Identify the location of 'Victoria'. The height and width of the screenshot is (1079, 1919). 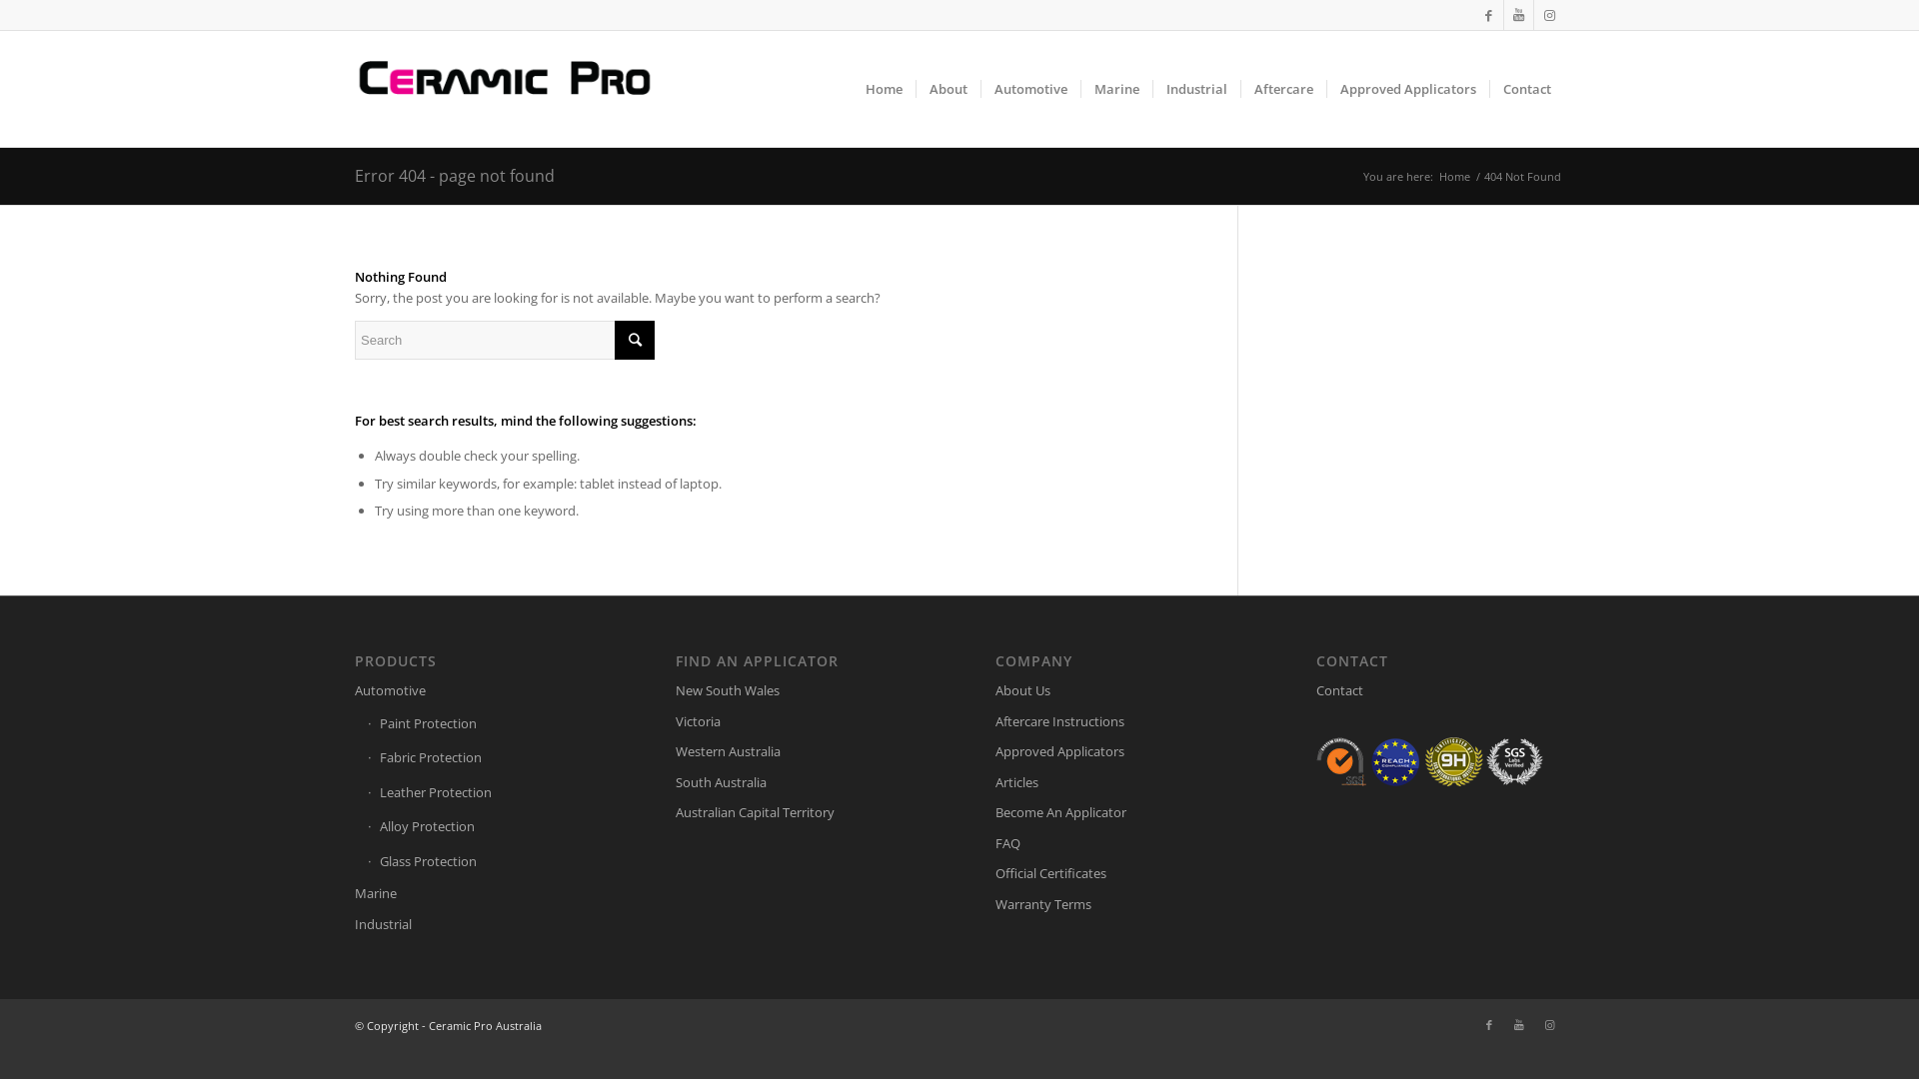
(676, 721).